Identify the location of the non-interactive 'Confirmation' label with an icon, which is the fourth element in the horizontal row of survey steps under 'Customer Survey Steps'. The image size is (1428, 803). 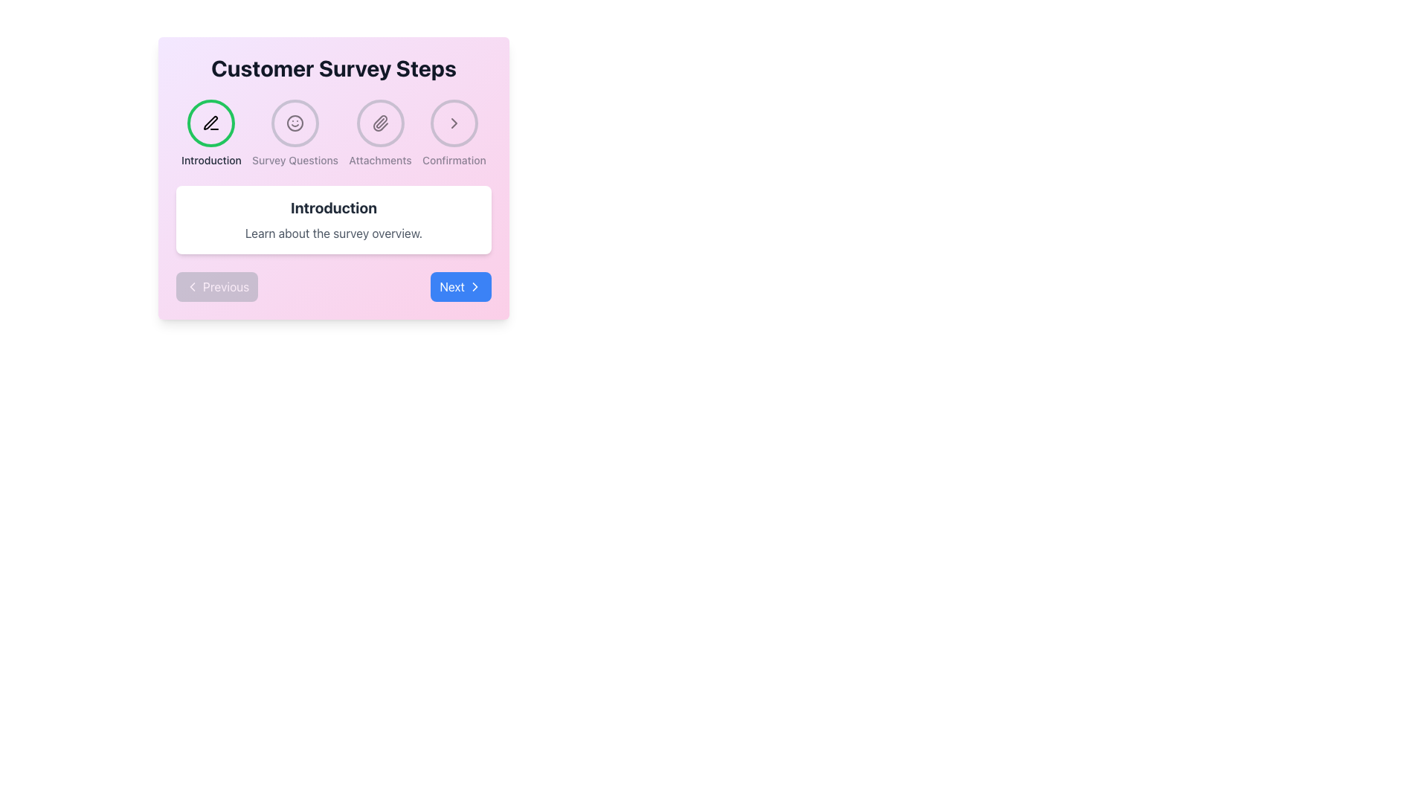
(453, 134).